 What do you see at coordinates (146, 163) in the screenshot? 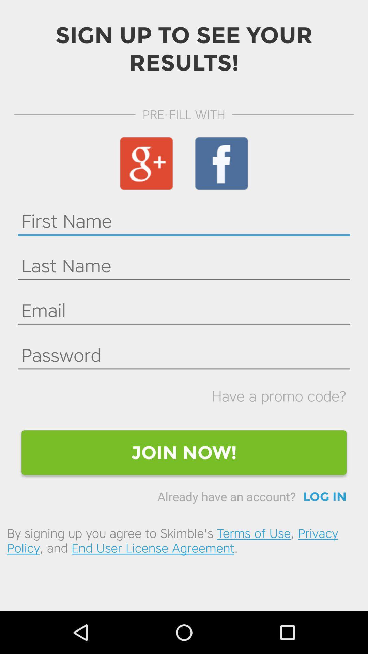
I see `the item below the pre-fill with item` at bounding box center [146, 163].